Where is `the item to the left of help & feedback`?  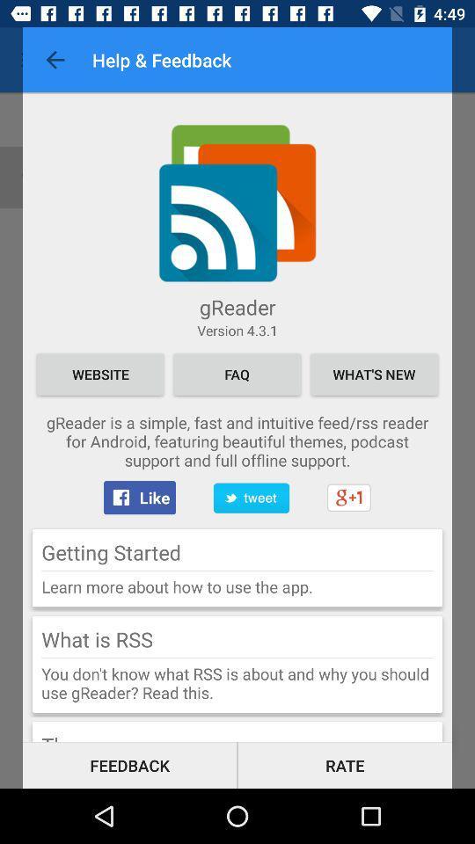 the item to the left of help & feedback is located at coordinates (55, 60).